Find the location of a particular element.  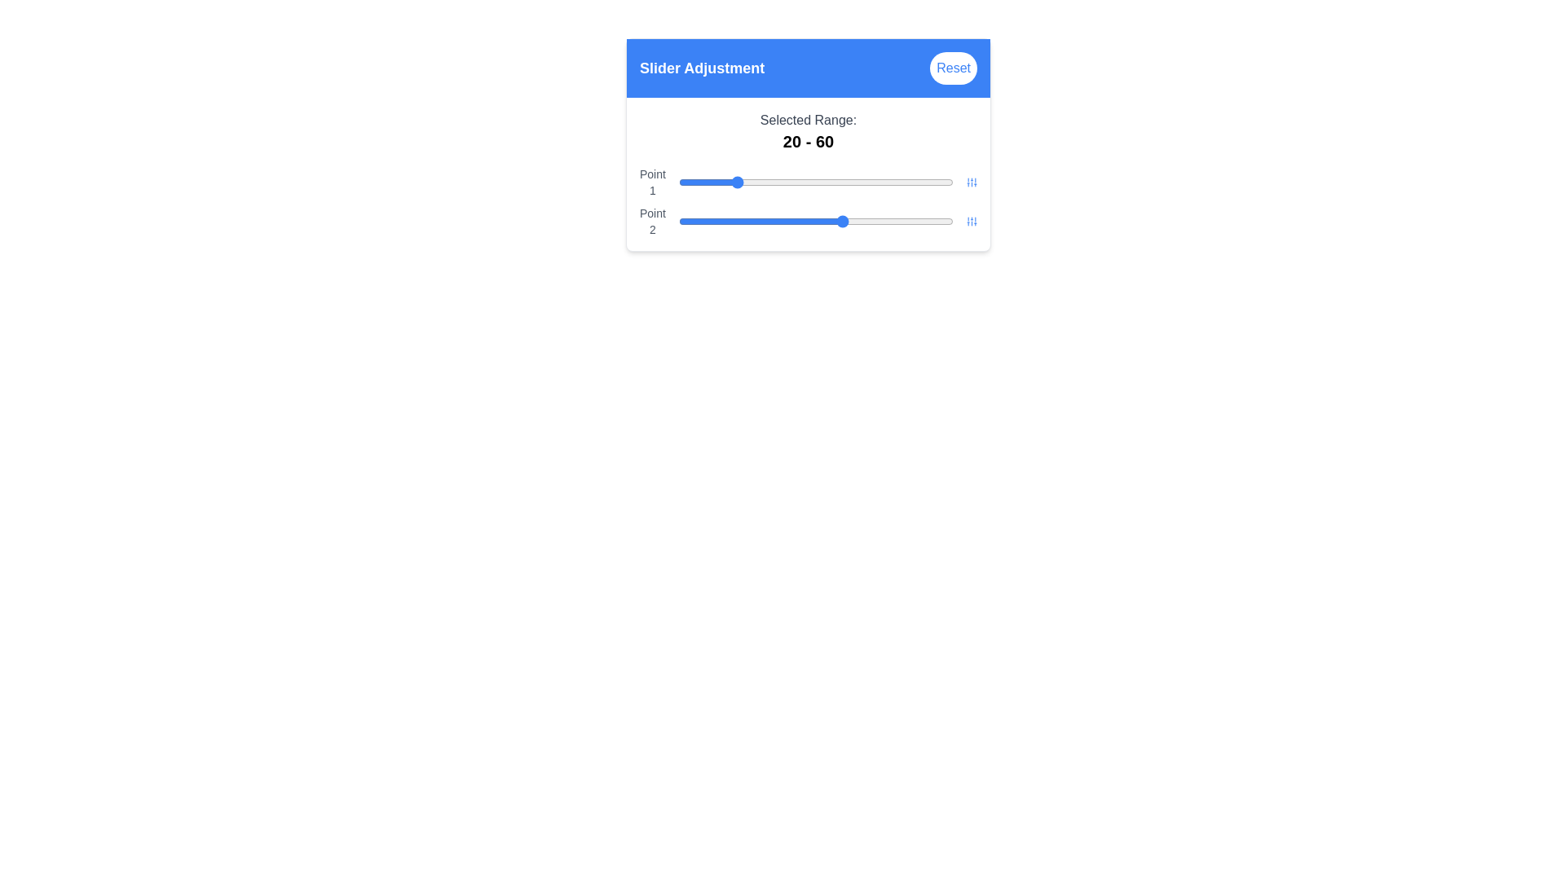

the Text Label that serves as a header or title for the interface section related to sliders, positioned on the left side of the header section with a blue background is located at coordinates (702, 68).